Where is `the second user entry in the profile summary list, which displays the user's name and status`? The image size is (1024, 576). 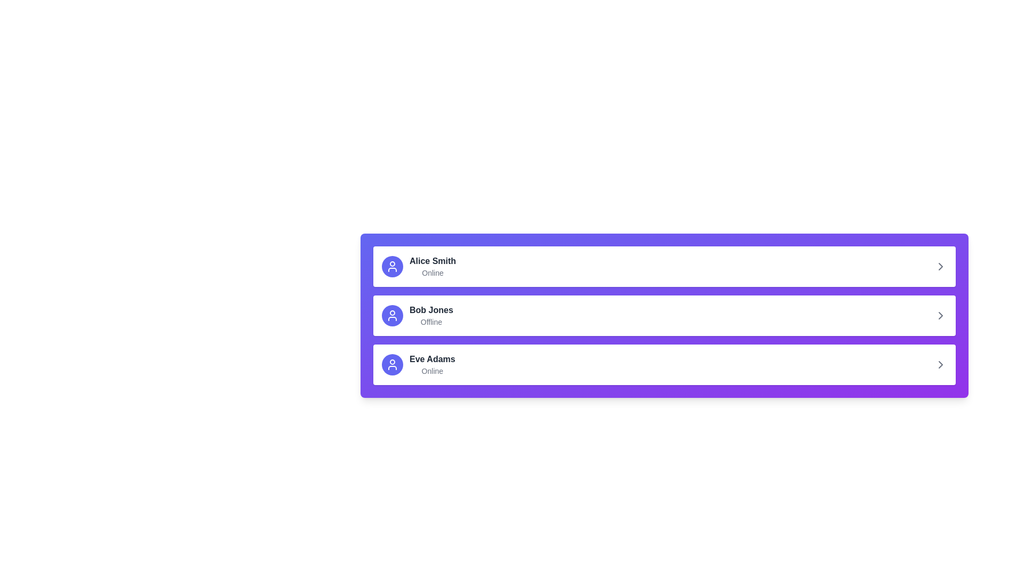 the second user entry in the profile summary list, which displays the user's name and status is located at coordinates (664, 315).